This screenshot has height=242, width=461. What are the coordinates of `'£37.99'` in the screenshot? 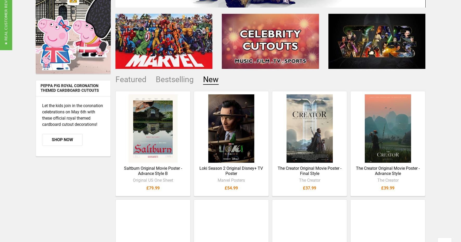 It's located at (309, 192).